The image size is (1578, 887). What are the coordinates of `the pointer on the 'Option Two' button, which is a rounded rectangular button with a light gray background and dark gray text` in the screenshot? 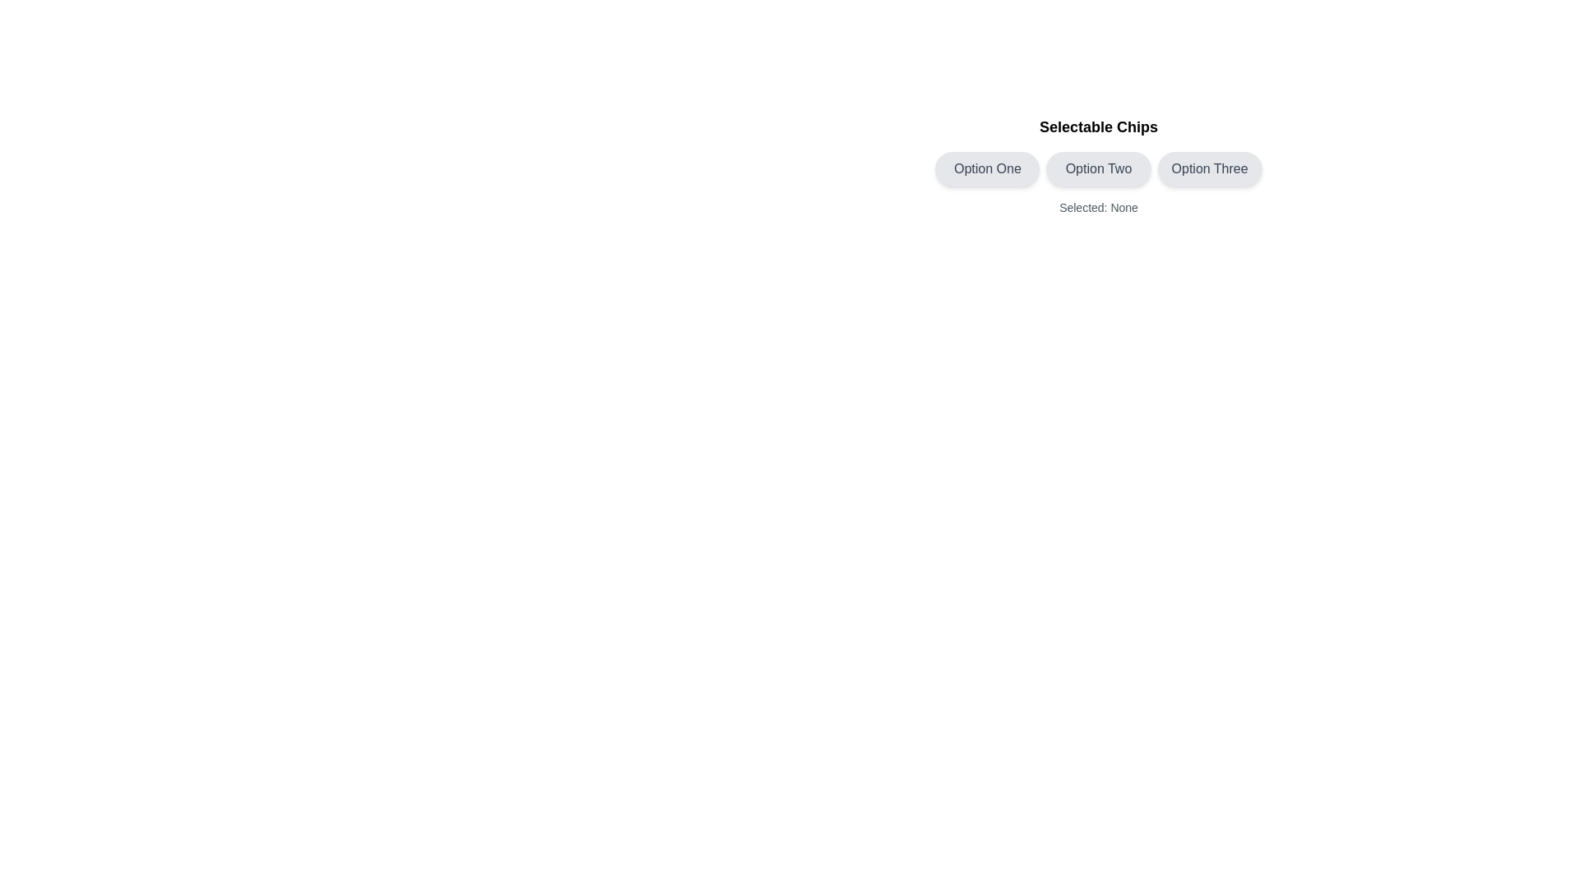 It's located at (1099, 168).